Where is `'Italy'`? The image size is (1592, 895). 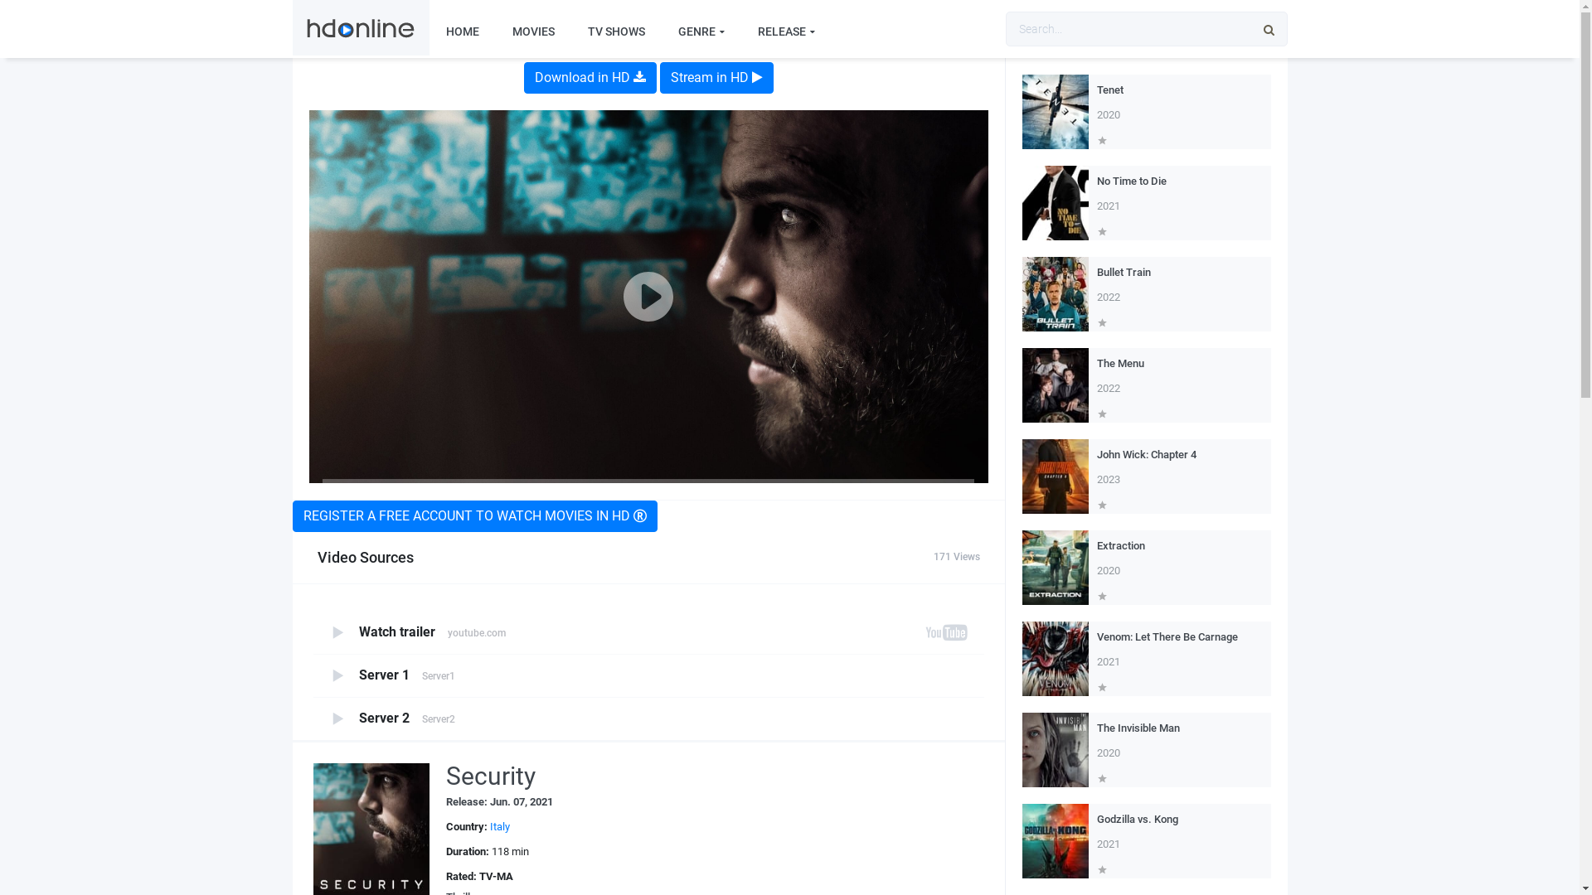 'Italy' is located at coordinates (498, 826).